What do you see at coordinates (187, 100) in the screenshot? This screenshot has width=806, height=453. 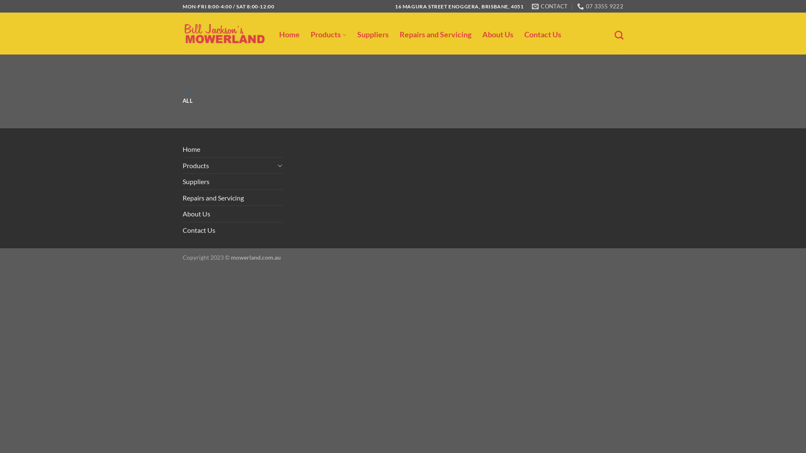 I see `'ALL'` at bounding box center [187, 100].